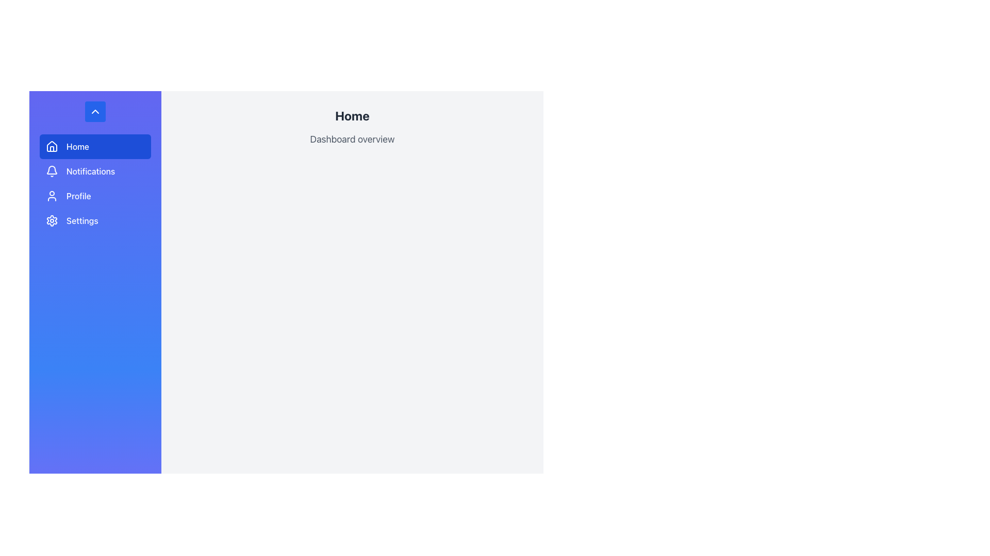 This screenshot has width=990, height=556. What do you see at coordinates (95, 183) in the screenshot?
I see `the second Navigation Menu Item in the sidebar` at bounding box center [95, 183].